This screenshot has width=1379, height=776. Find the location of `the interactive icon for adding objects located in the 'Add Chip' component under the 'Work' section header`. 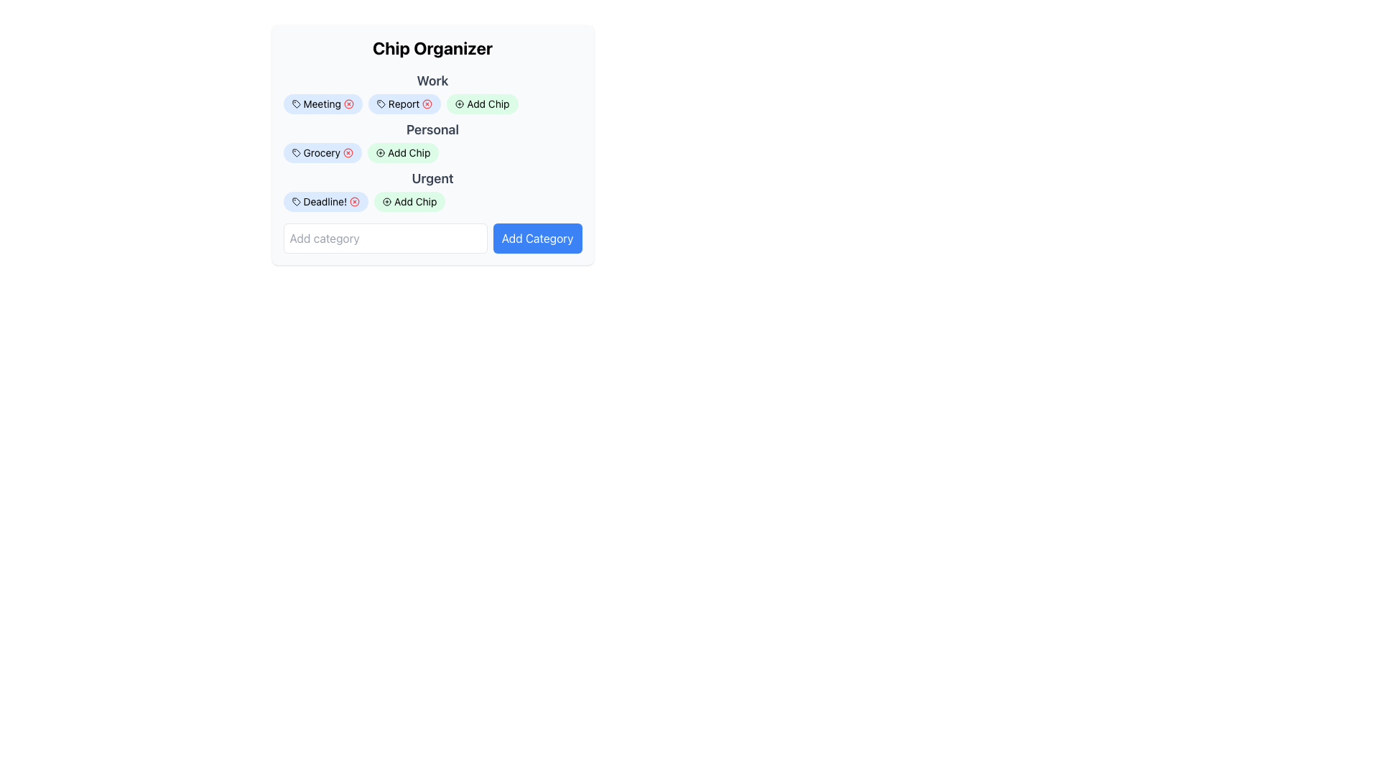

the interactive icon for adding objects located in the 'Add Chip' component under the 'Work' section header is located at coordinates (458, 103).